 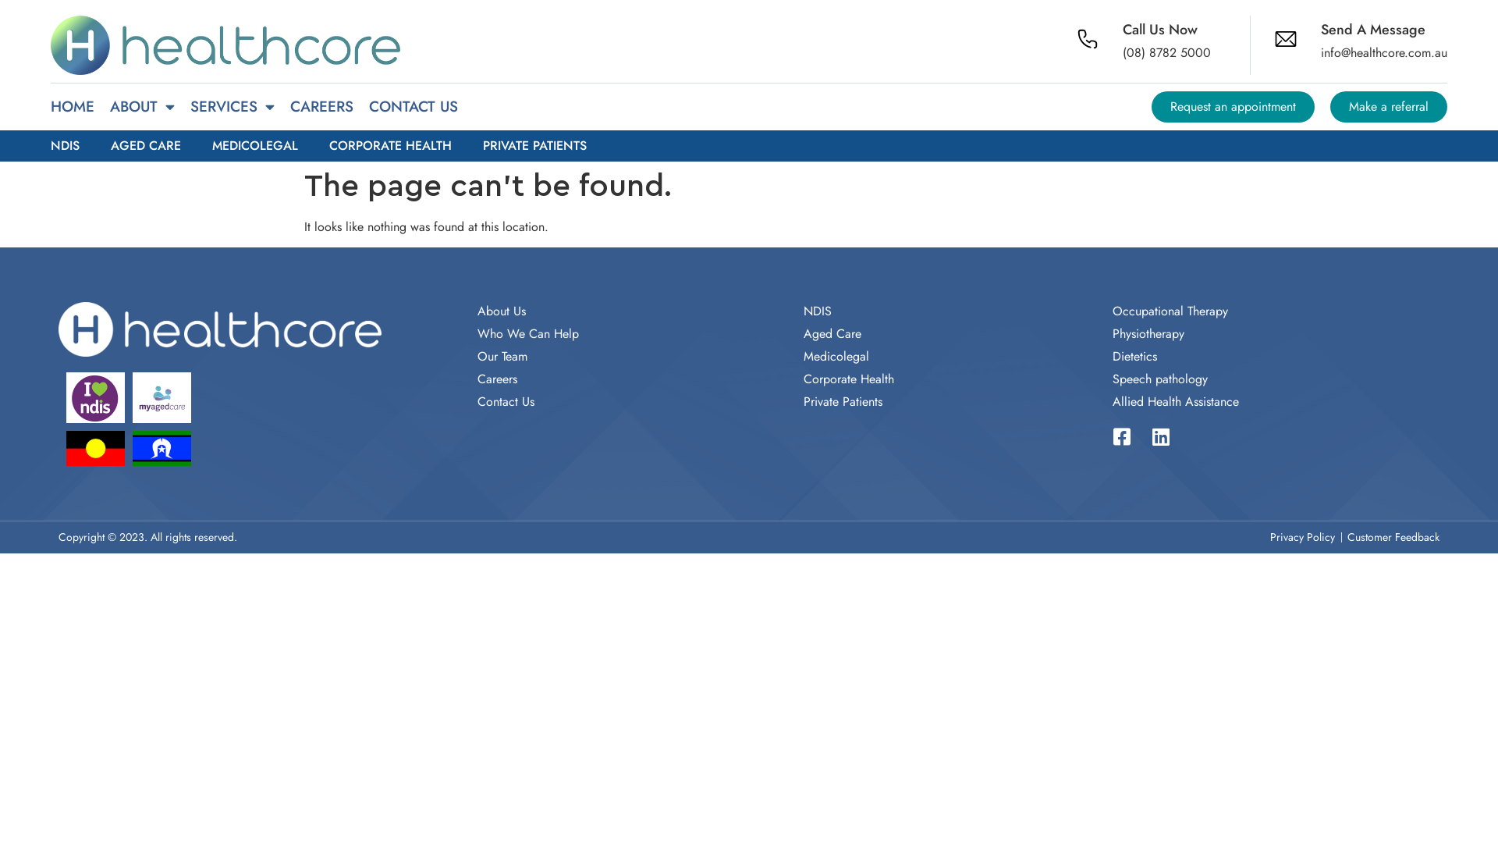 I want to click on 'Our Team', so click(x=502, y=356).